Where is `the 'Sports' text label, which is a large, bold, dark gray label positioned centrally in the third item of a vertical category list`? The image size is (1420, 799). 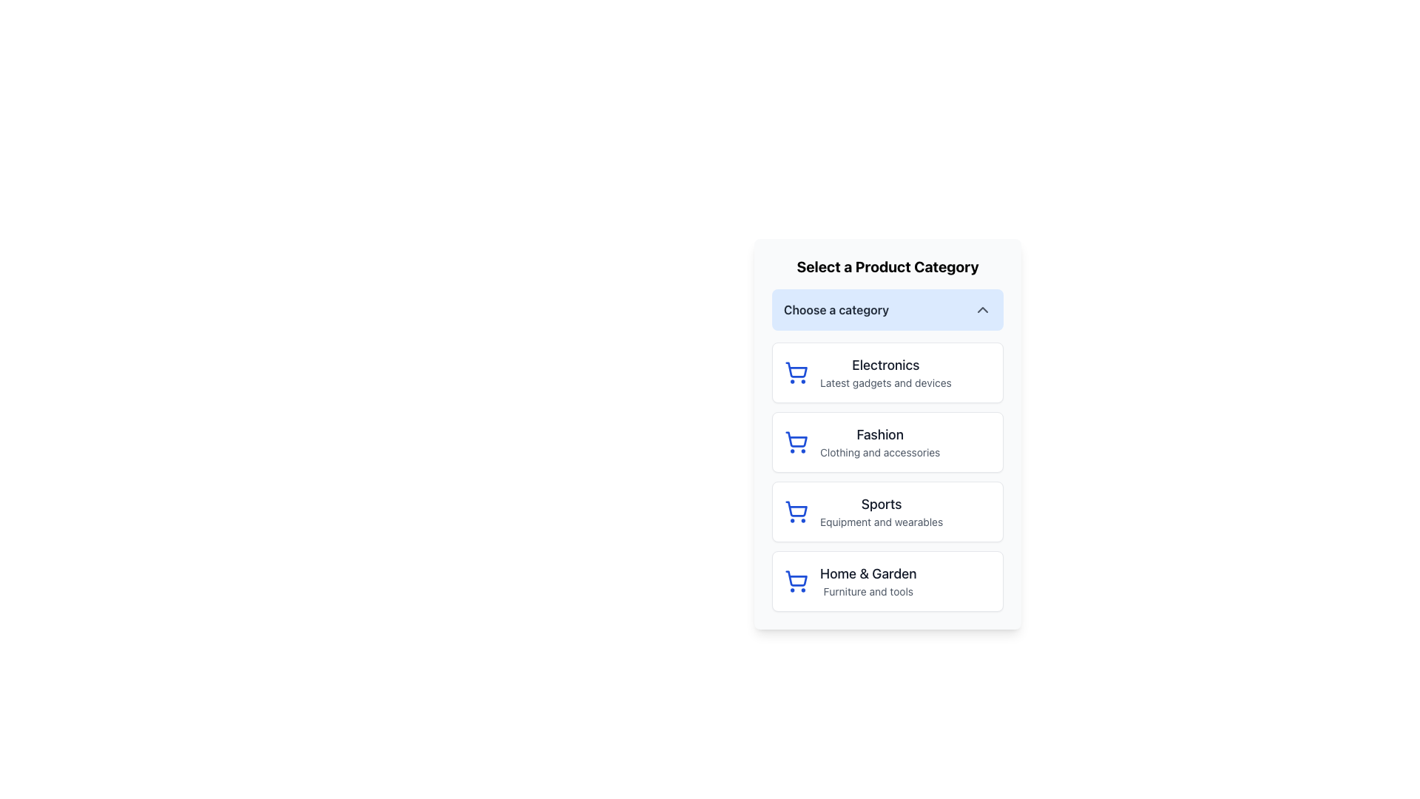
the 'Sports' text label, which is a large, bold, dark gray label positioned centrally in the third item of a vertical category list is located at coordinates (882, 504).